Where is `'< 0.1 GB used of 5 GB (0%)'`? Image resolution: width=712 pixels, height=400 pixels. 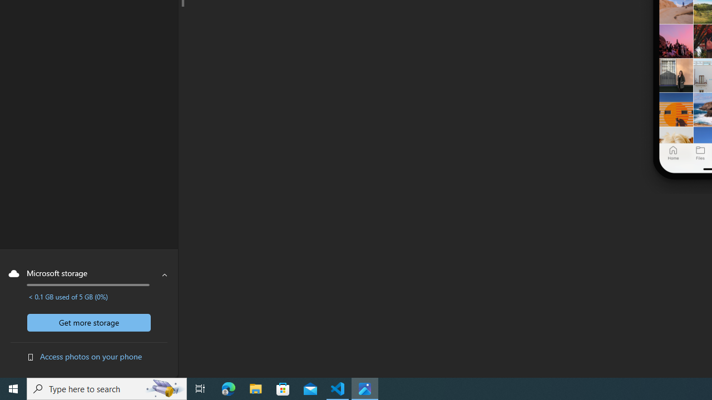
'< 0.1 GB used of 5 GB (0%)' is located at coordinates (67, 296).